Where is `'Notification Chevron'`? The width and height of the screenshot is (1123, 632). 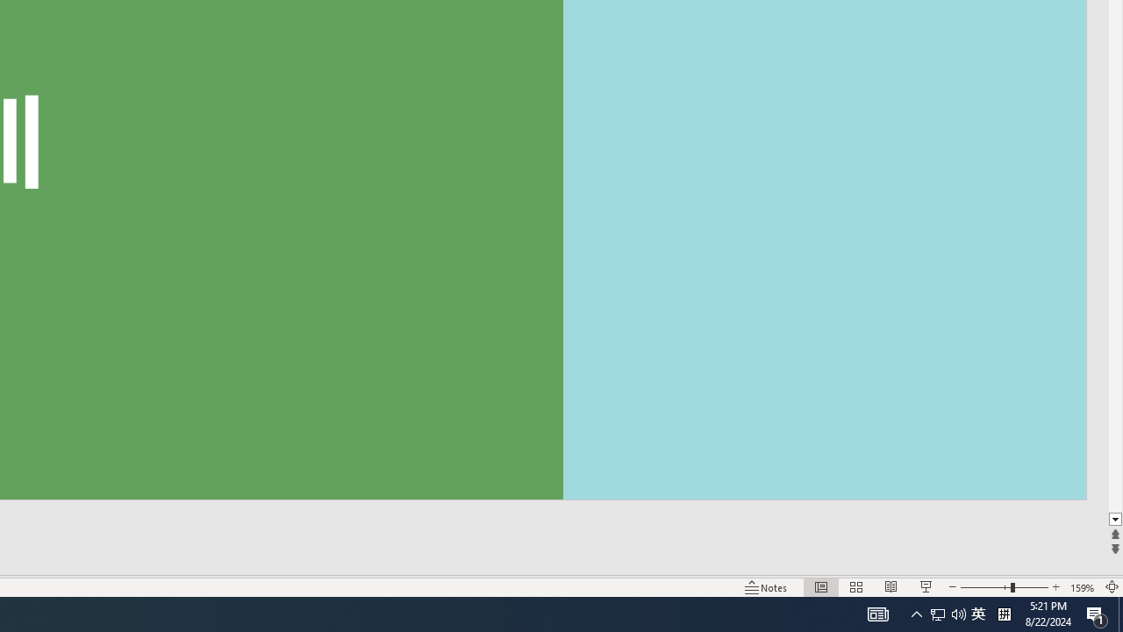
'Notification Chevron' is located at coordinates (937, 613).